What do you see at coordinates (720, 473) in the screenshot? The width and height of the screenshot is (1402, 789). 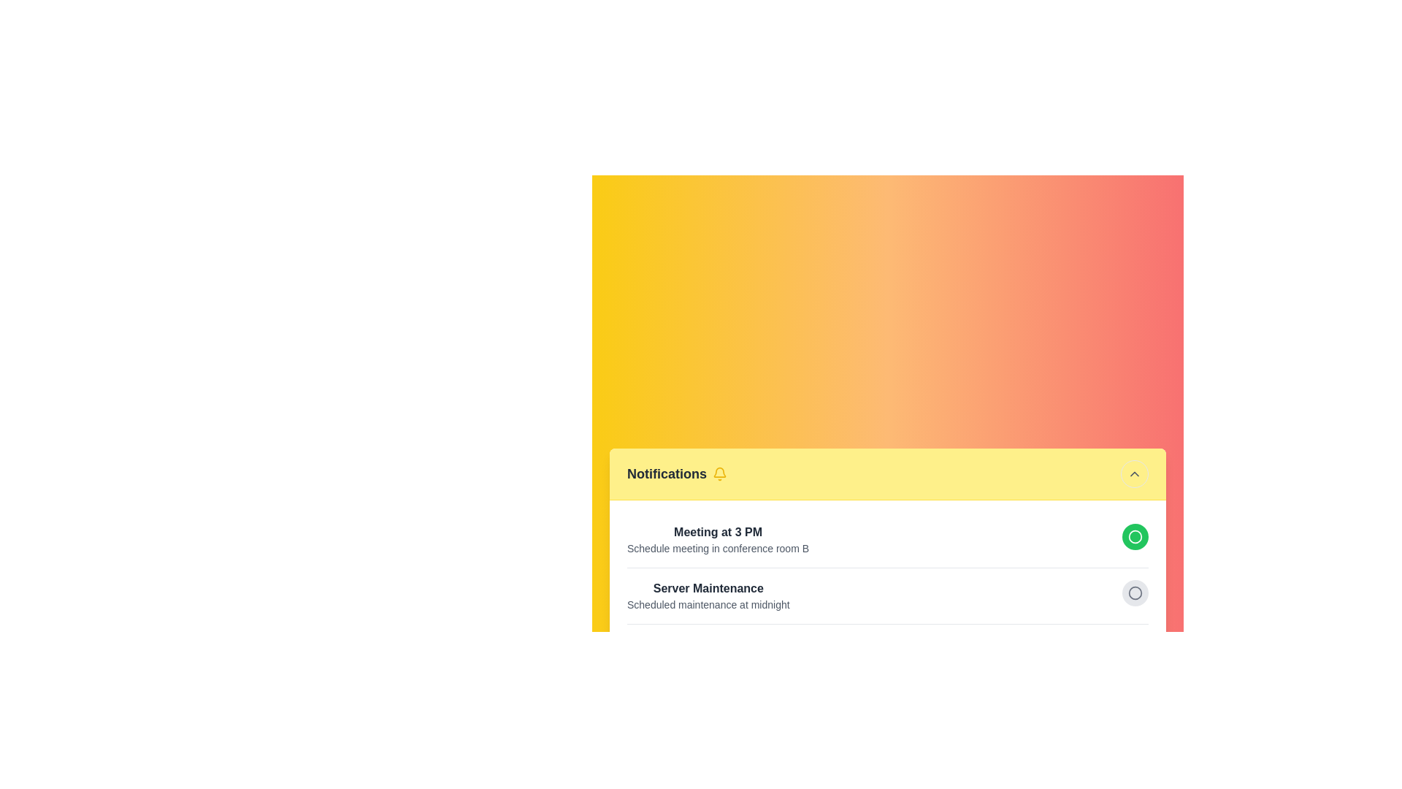 I see `the yellow bell icon located next to the 'Notifications' text` at bounding box center [720, 473].